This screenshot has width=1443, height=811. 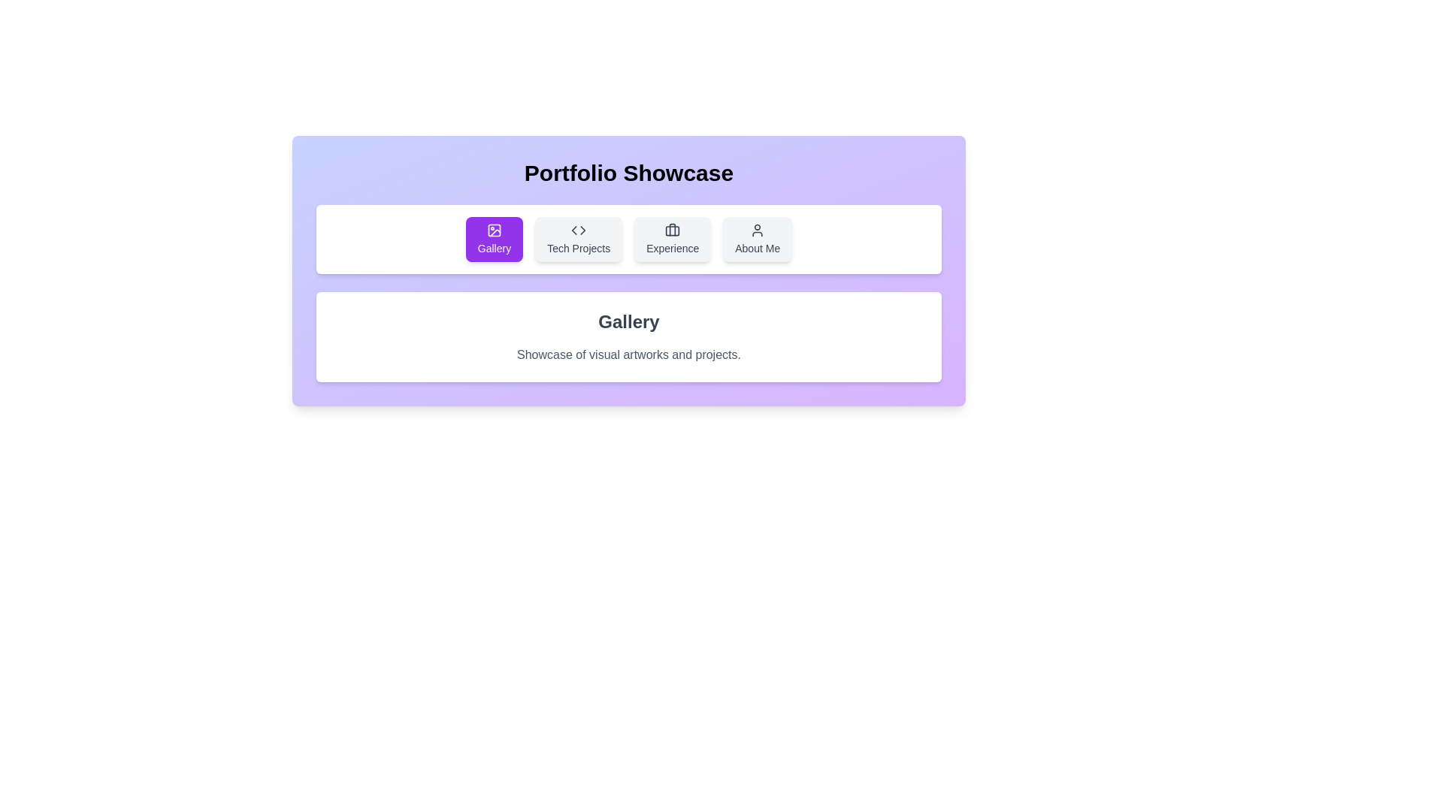 I want to click on the tab labeled 'Tech Projects', so click(x=578, y=239).